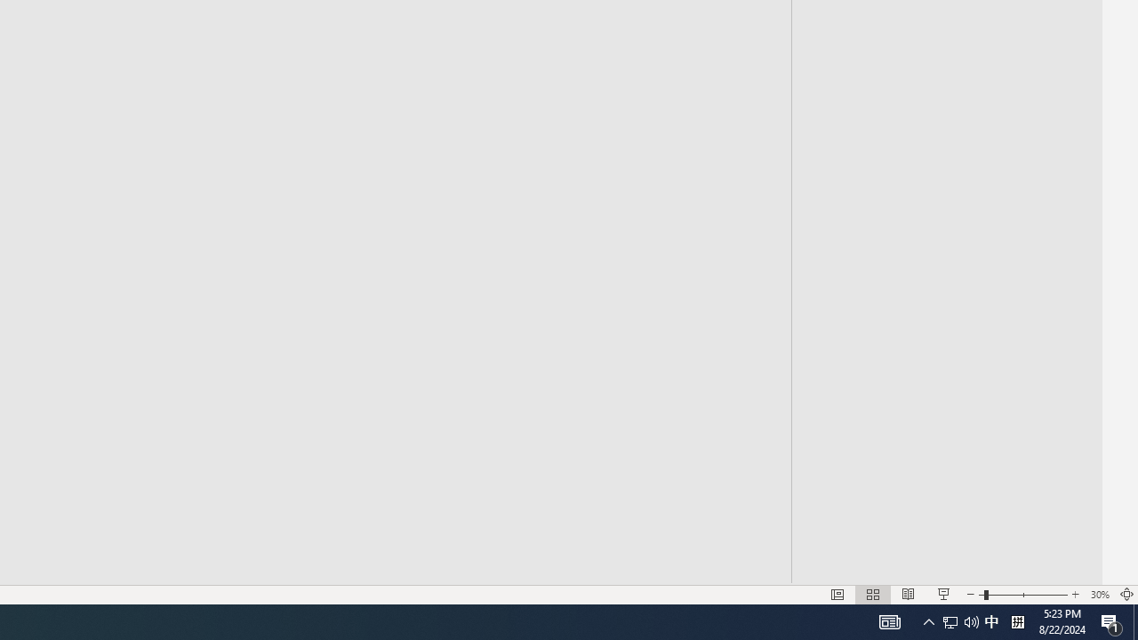  Describe the element at coordinates (1099, 595) in the screenshot. I see `'Zoom 30%'` at that location.